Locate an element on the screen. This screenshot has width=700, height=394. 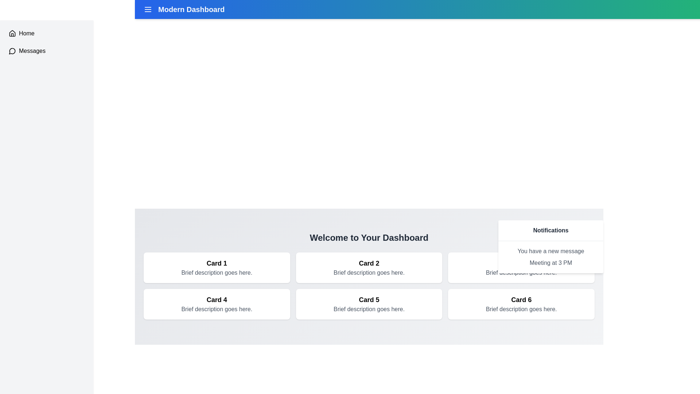
bold text label 'Card 1' located at the top section of the first card in the dashboard layout is located at coordinates (216, 263).